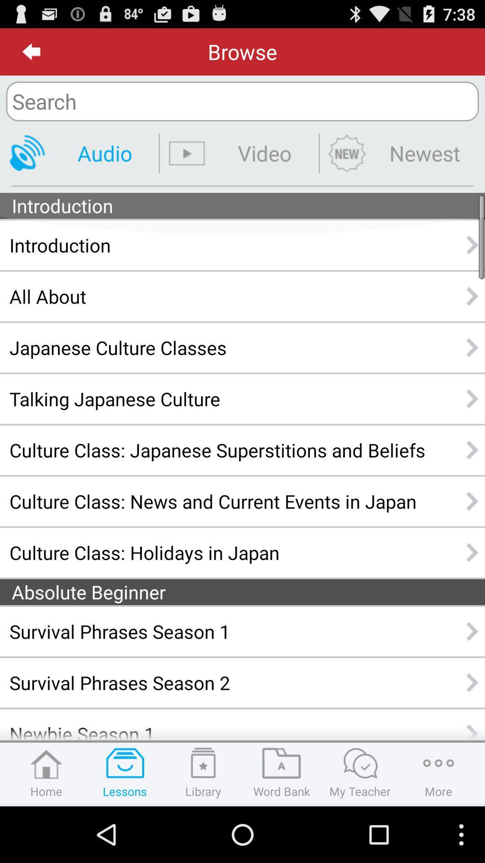  Describe the element at coordinates (472, 245) in the screenshot. I see `the button which is next to the introduction` at that location.